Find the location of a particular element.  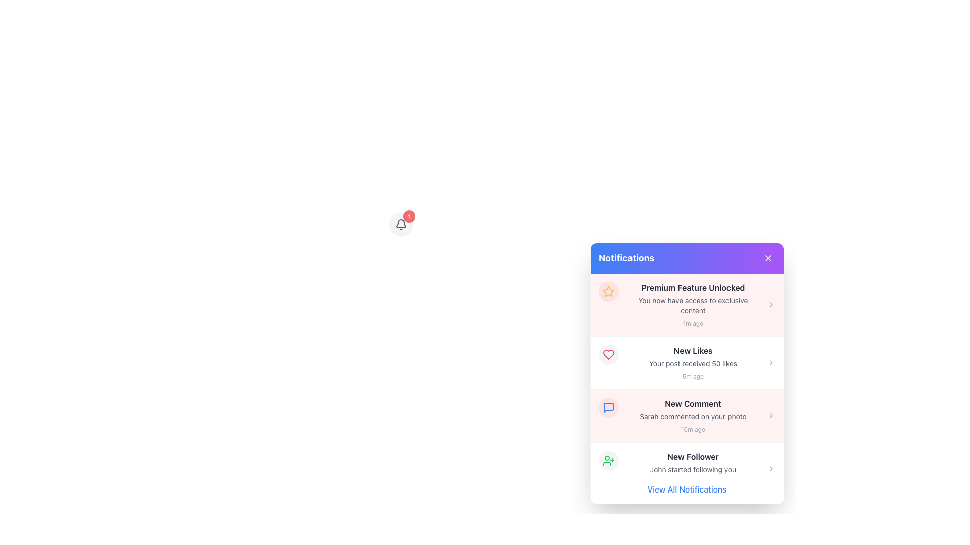

notification text from the first notification card located at the top of the notification panel, which informs the user about a newly unlocked premium feature is located at coordinates (687, 304).